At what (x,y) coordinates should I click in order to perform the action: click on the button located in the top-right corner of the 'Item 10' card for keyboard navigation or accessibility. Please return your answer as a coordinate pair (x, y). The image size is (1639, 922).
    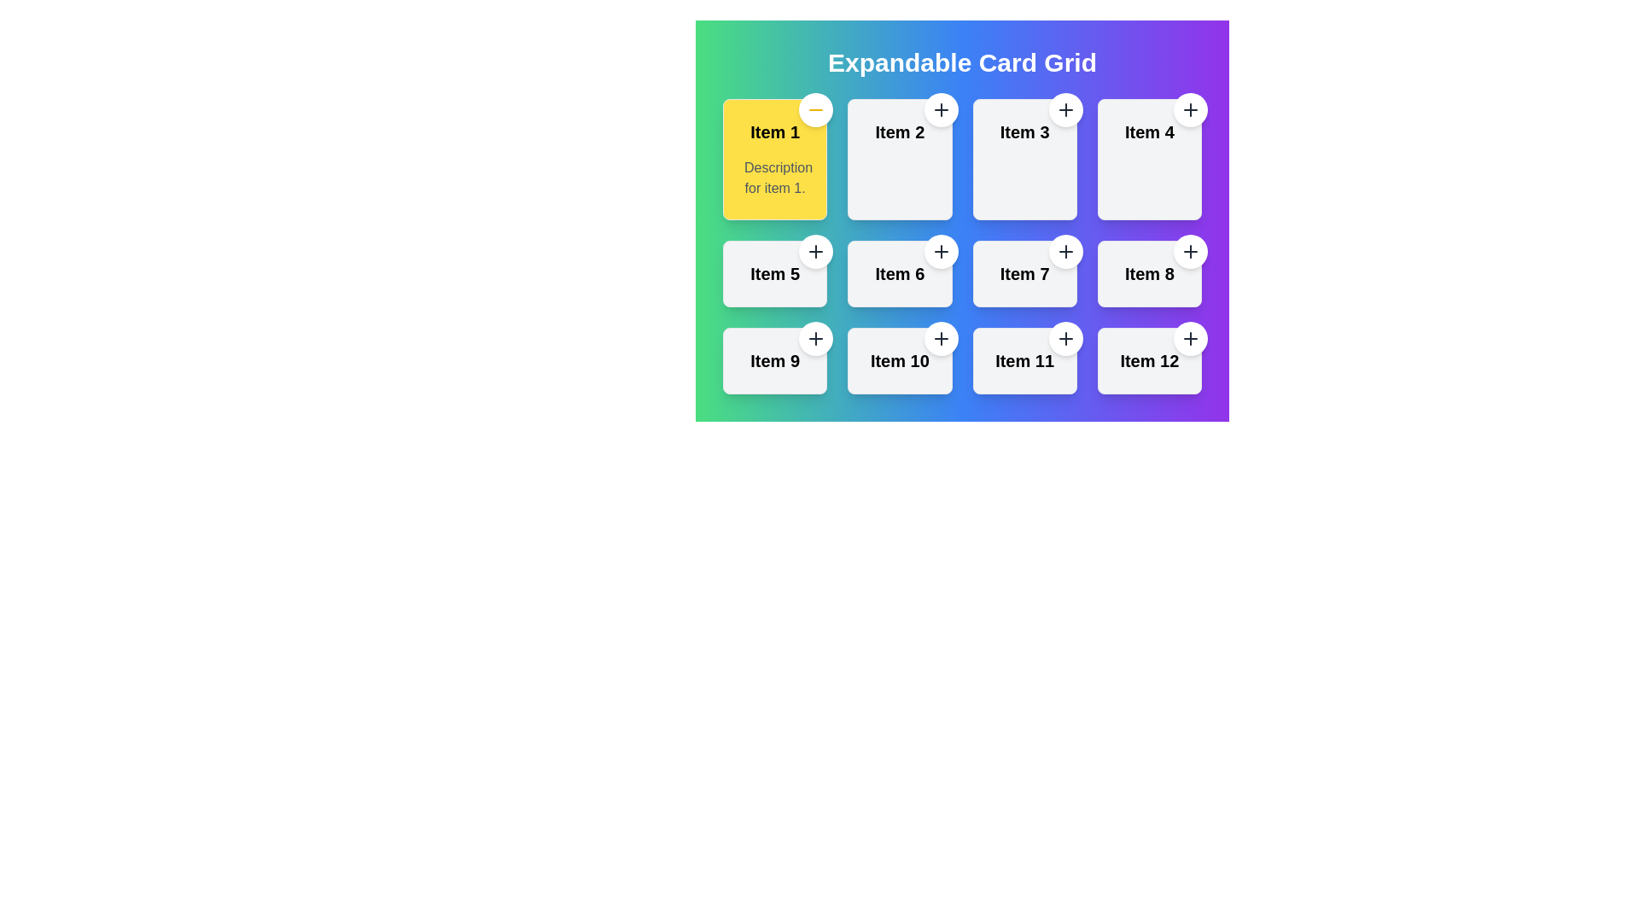
    Looking at the image, I should click on (940, 339).